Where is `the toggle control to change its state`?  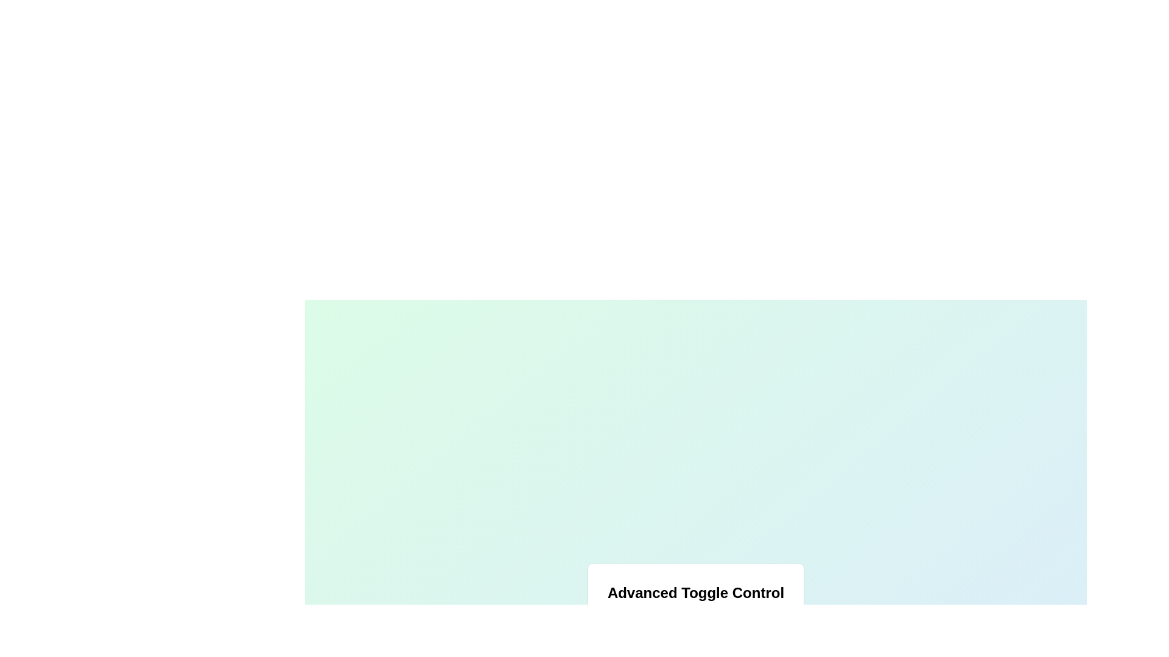
the toggle control to change its state is located at coordinates (641, 629).